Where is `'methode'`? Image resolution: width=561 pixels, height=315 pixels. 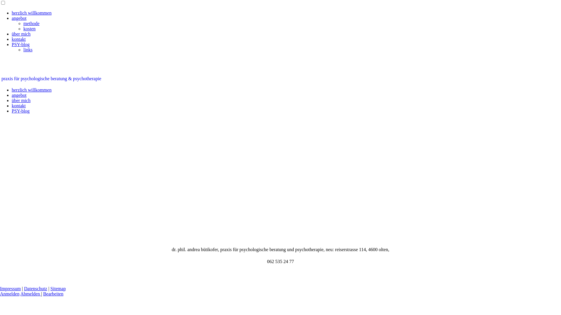 'methode' is located at coordinates (31, 23).